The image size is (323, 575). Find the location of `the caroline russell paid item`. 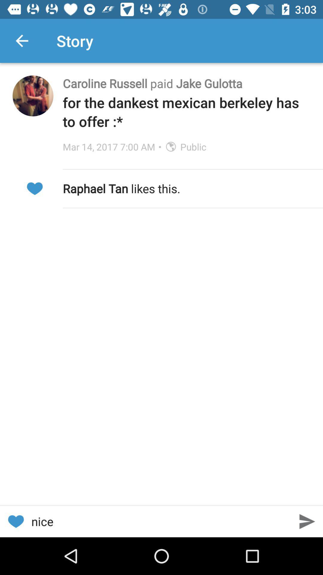

the caroline russell paid item is located at coordinates (186, 83).